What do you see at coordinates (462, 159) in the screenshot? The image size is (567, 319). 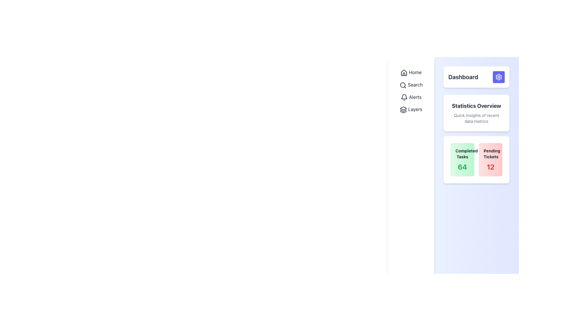 I see `the information displayed on the Information card that shows the count of completed tasks in the Statistics Overview section` at bounding box center [462, 159].